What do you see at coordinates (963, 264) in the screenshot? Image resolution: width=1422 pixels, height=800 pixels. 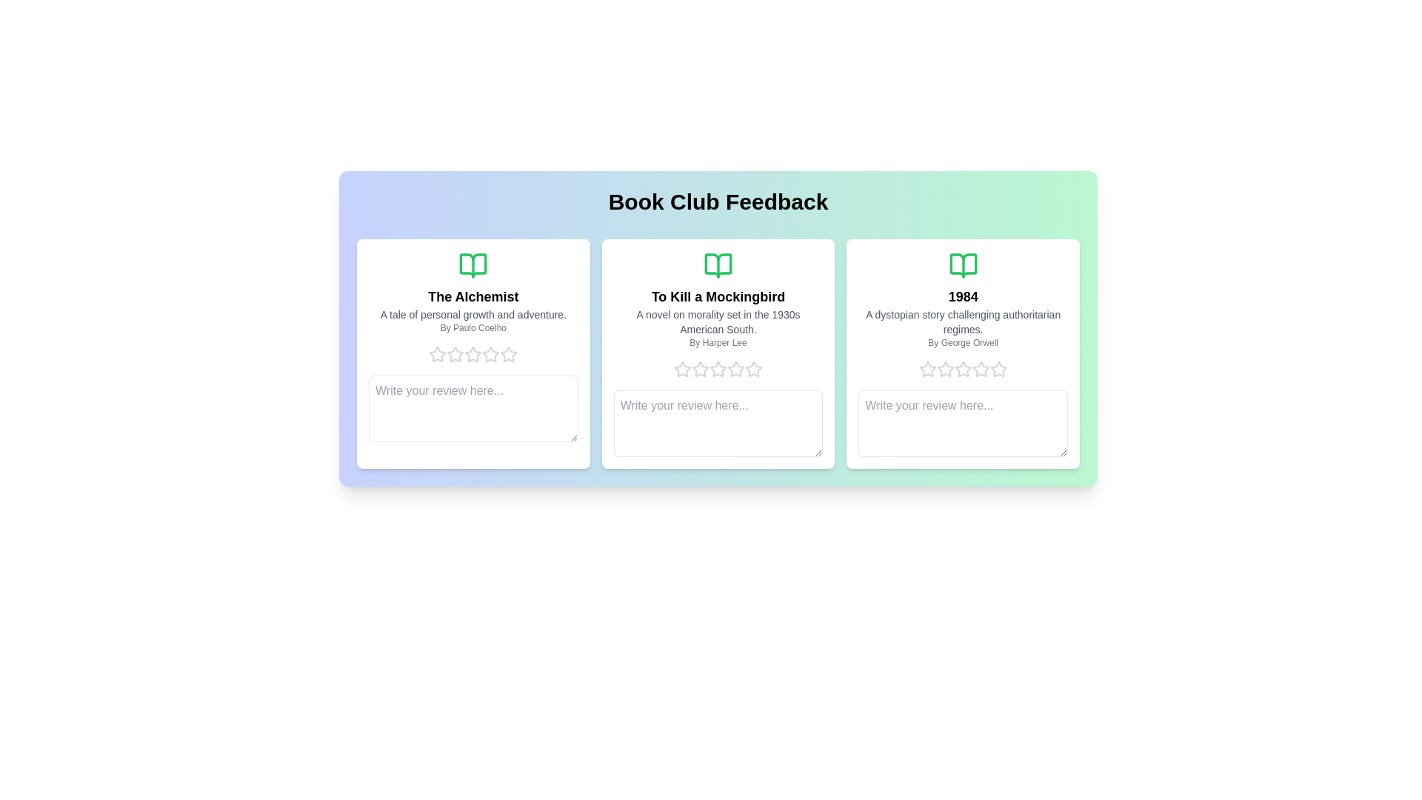 I see `the icon representing the book title '1984', which is located at the top of the card and centered horizontally just above the title` at bounding box center [963, 264].